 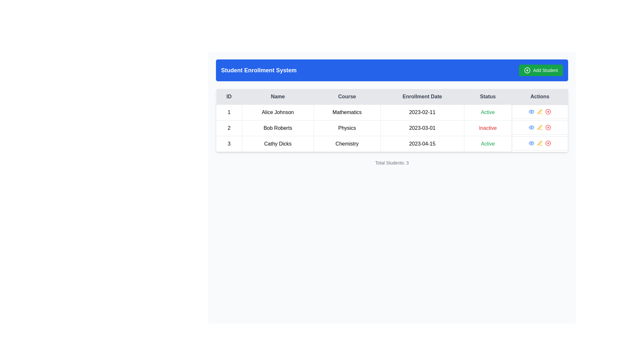 What do you see at coordinates (541, 70) in the screenshot?
I see `the button with an icon and text that adds a new student to the system, located at the far-right of the blue header titled 'Student Enrollment System'` at bounding box center [541, 70].